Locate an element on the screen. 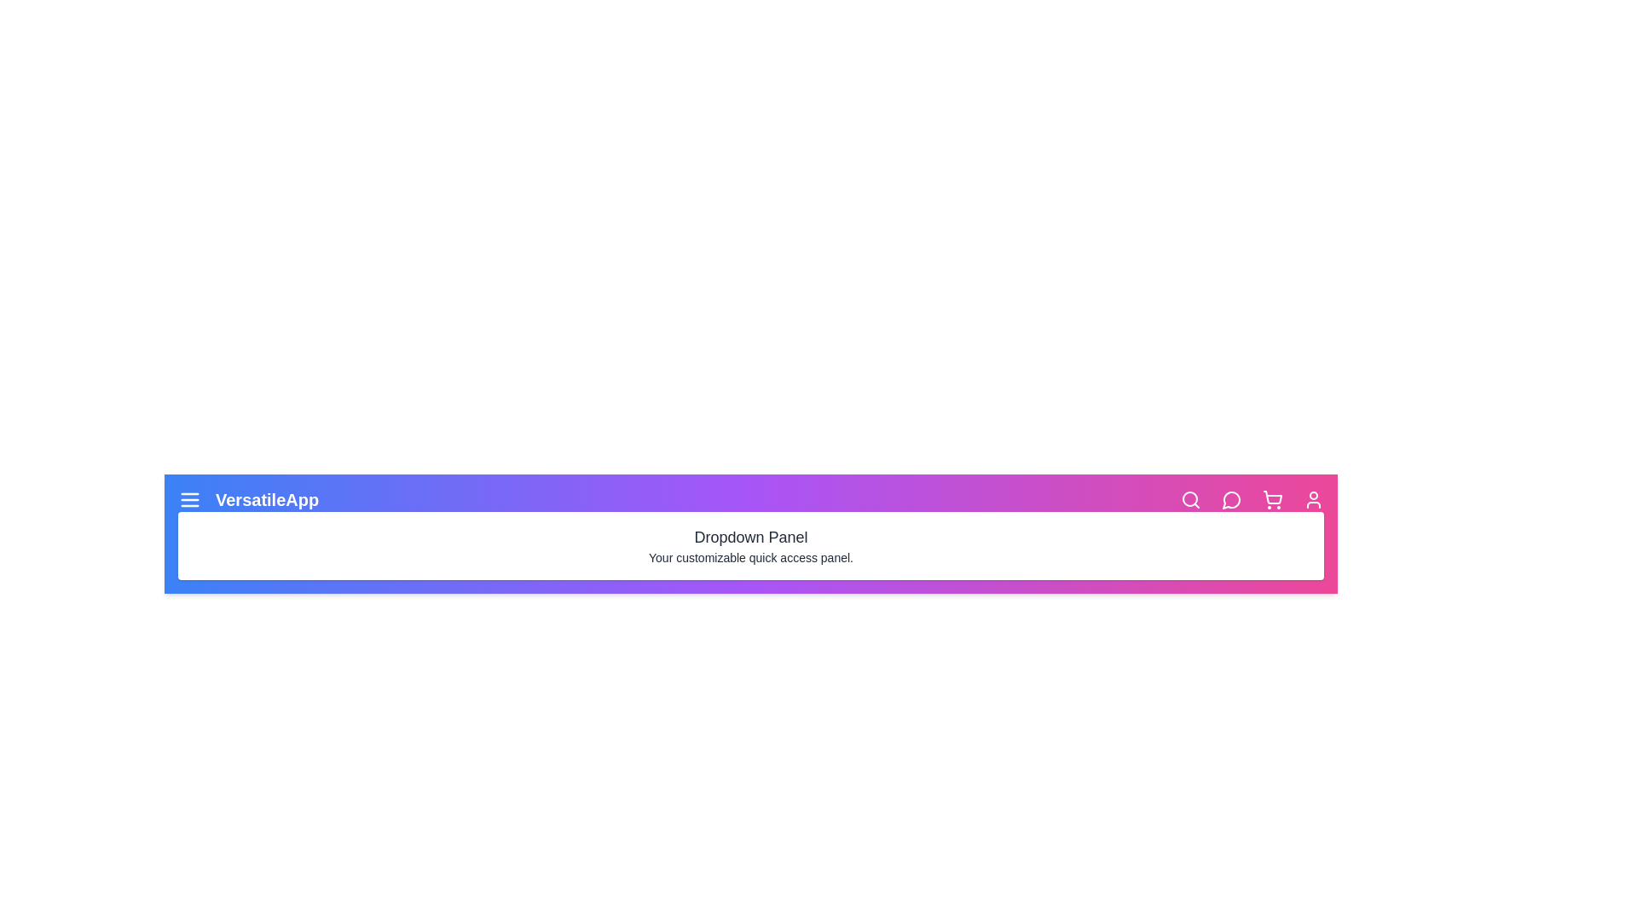  the message icon to view messages is located at coordinates (1231, 498).